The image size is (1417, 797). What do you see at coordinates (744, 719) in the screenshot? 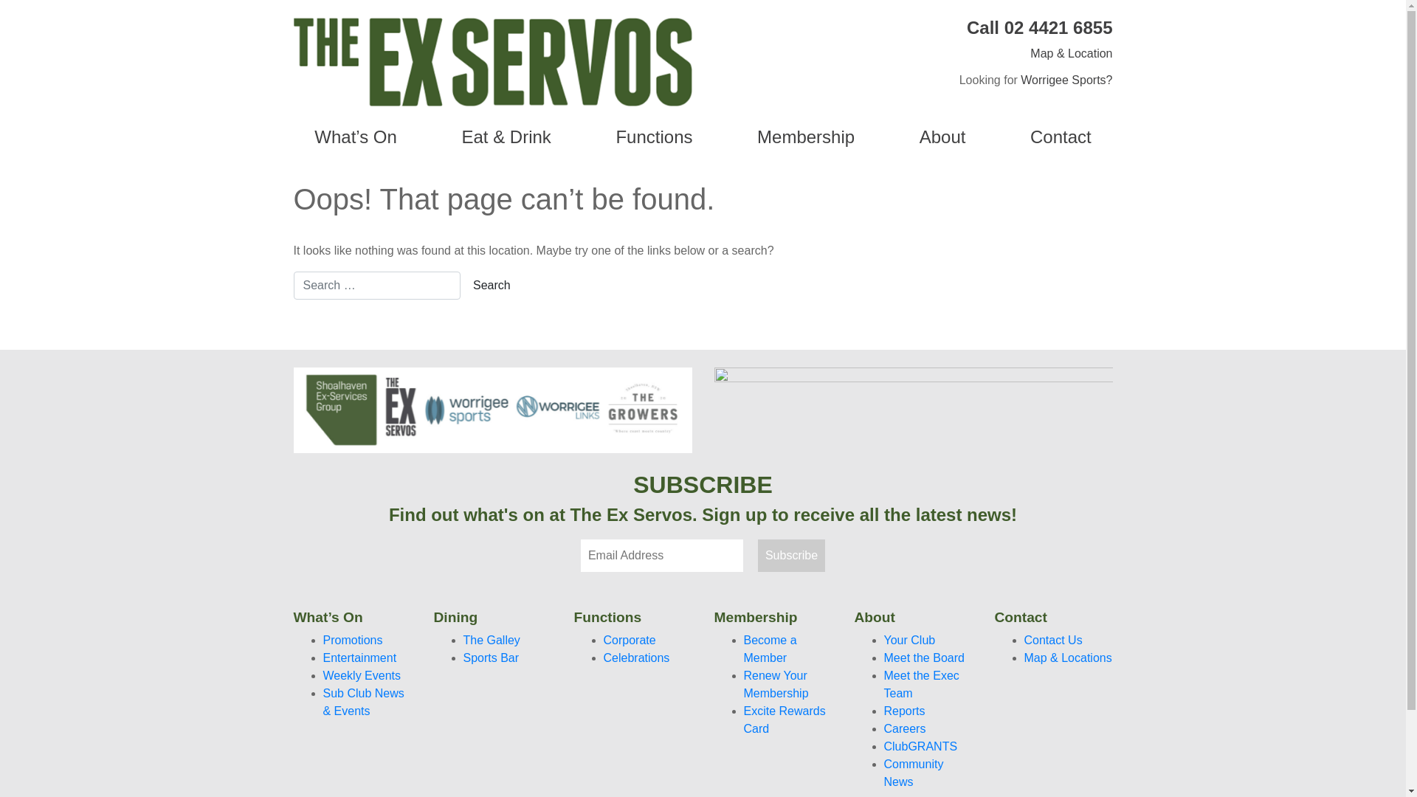
I see `'Excite Rewards Card'` at bounding box center [744, 719].